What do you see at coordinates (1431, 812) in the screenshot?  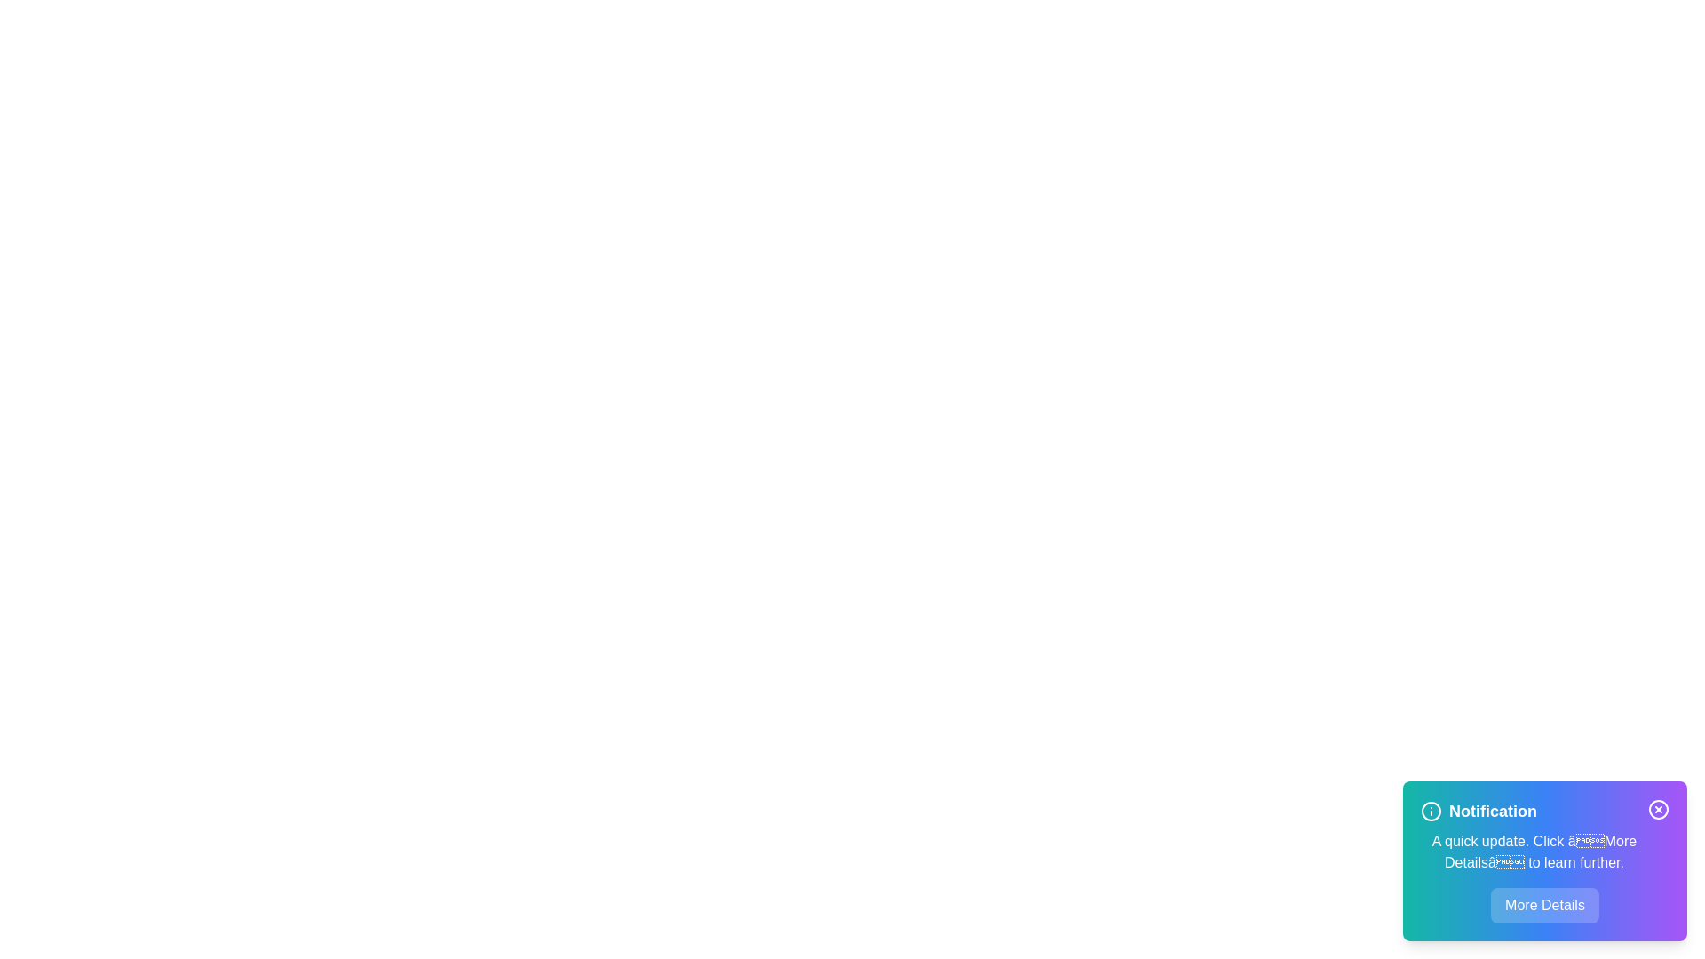 I see `the Info icon to inspect it` at bounding box center [1431, 812].